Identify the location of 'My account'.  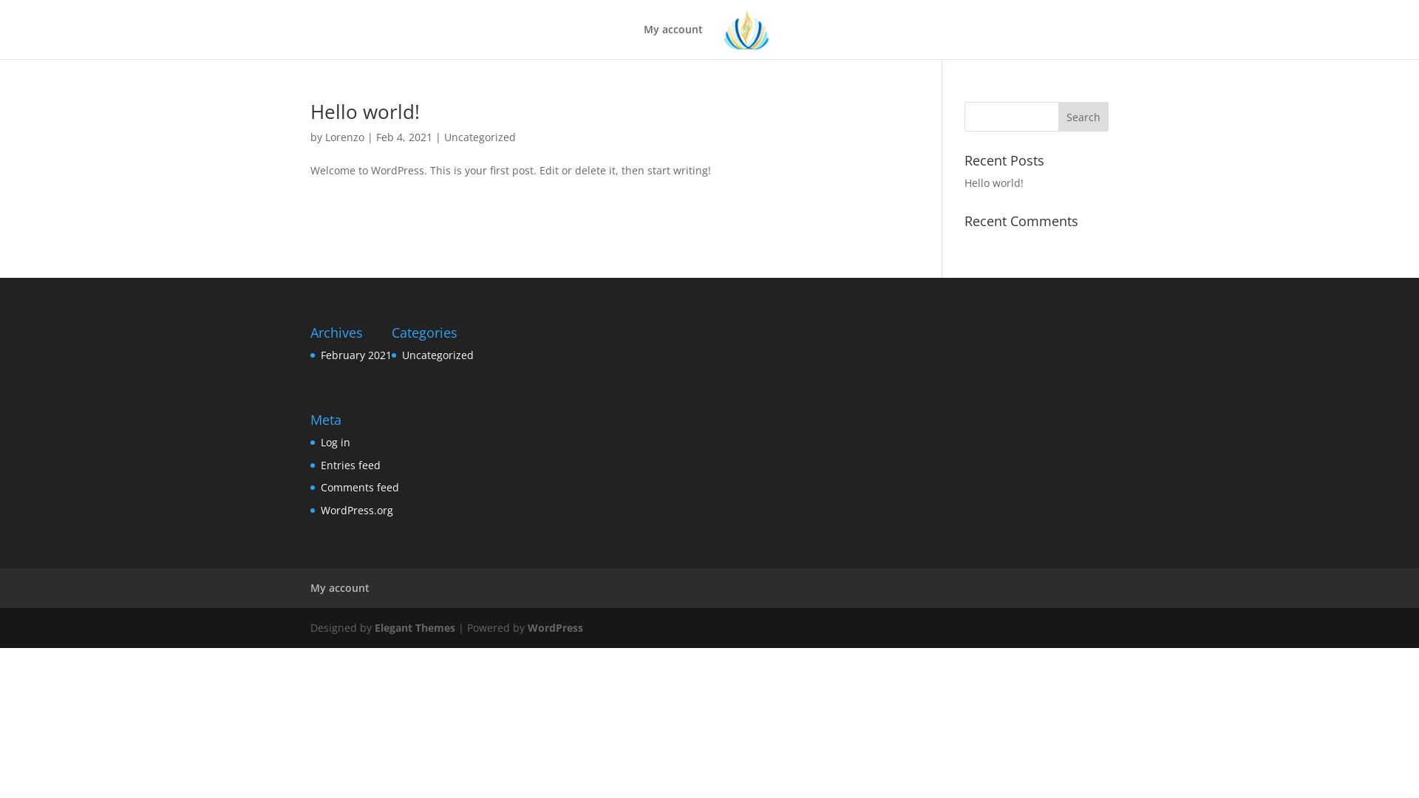
(339, 587).